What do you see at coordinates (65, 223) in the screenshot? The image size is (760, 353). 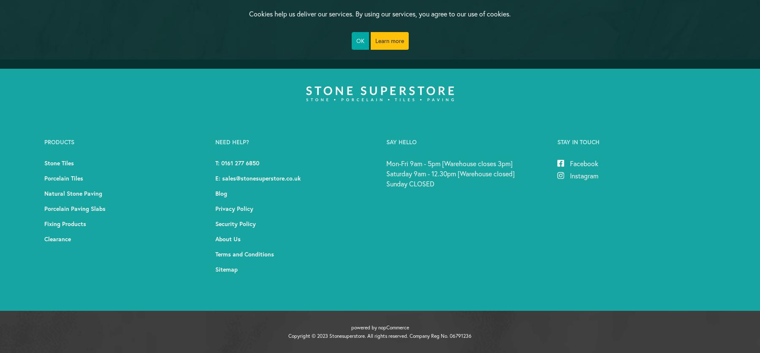 I see `'fixing products'` at bounding box center [65, 223].